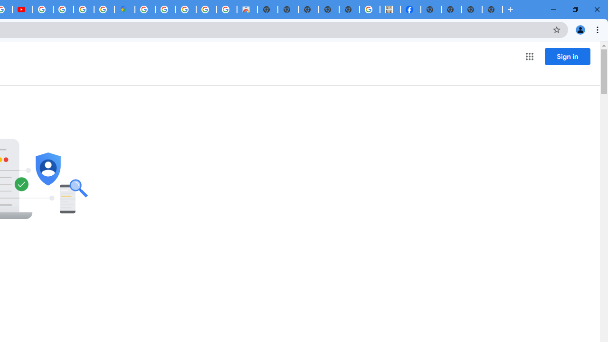 The height and width of the screenshot is (342, 608). I want to click on 'New Tab', so click(492, 9).